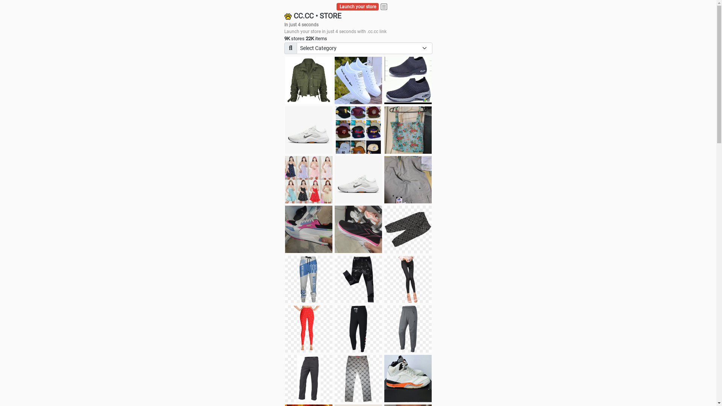 This screenshot has height=406, width=722. Describe the element at coordinates (407, 130) in the screenshot. I see `'Ukay cloth'` at that location.